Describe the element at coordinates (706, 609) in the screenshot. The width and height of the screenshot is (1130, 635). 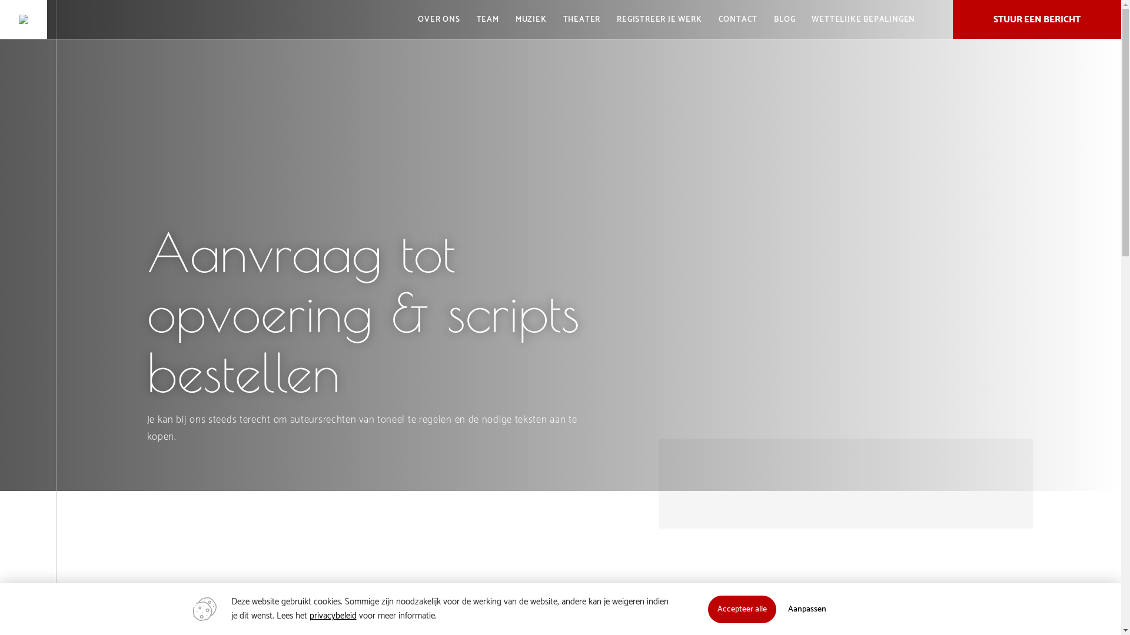
I see `'Accepteer alle'` at that location.